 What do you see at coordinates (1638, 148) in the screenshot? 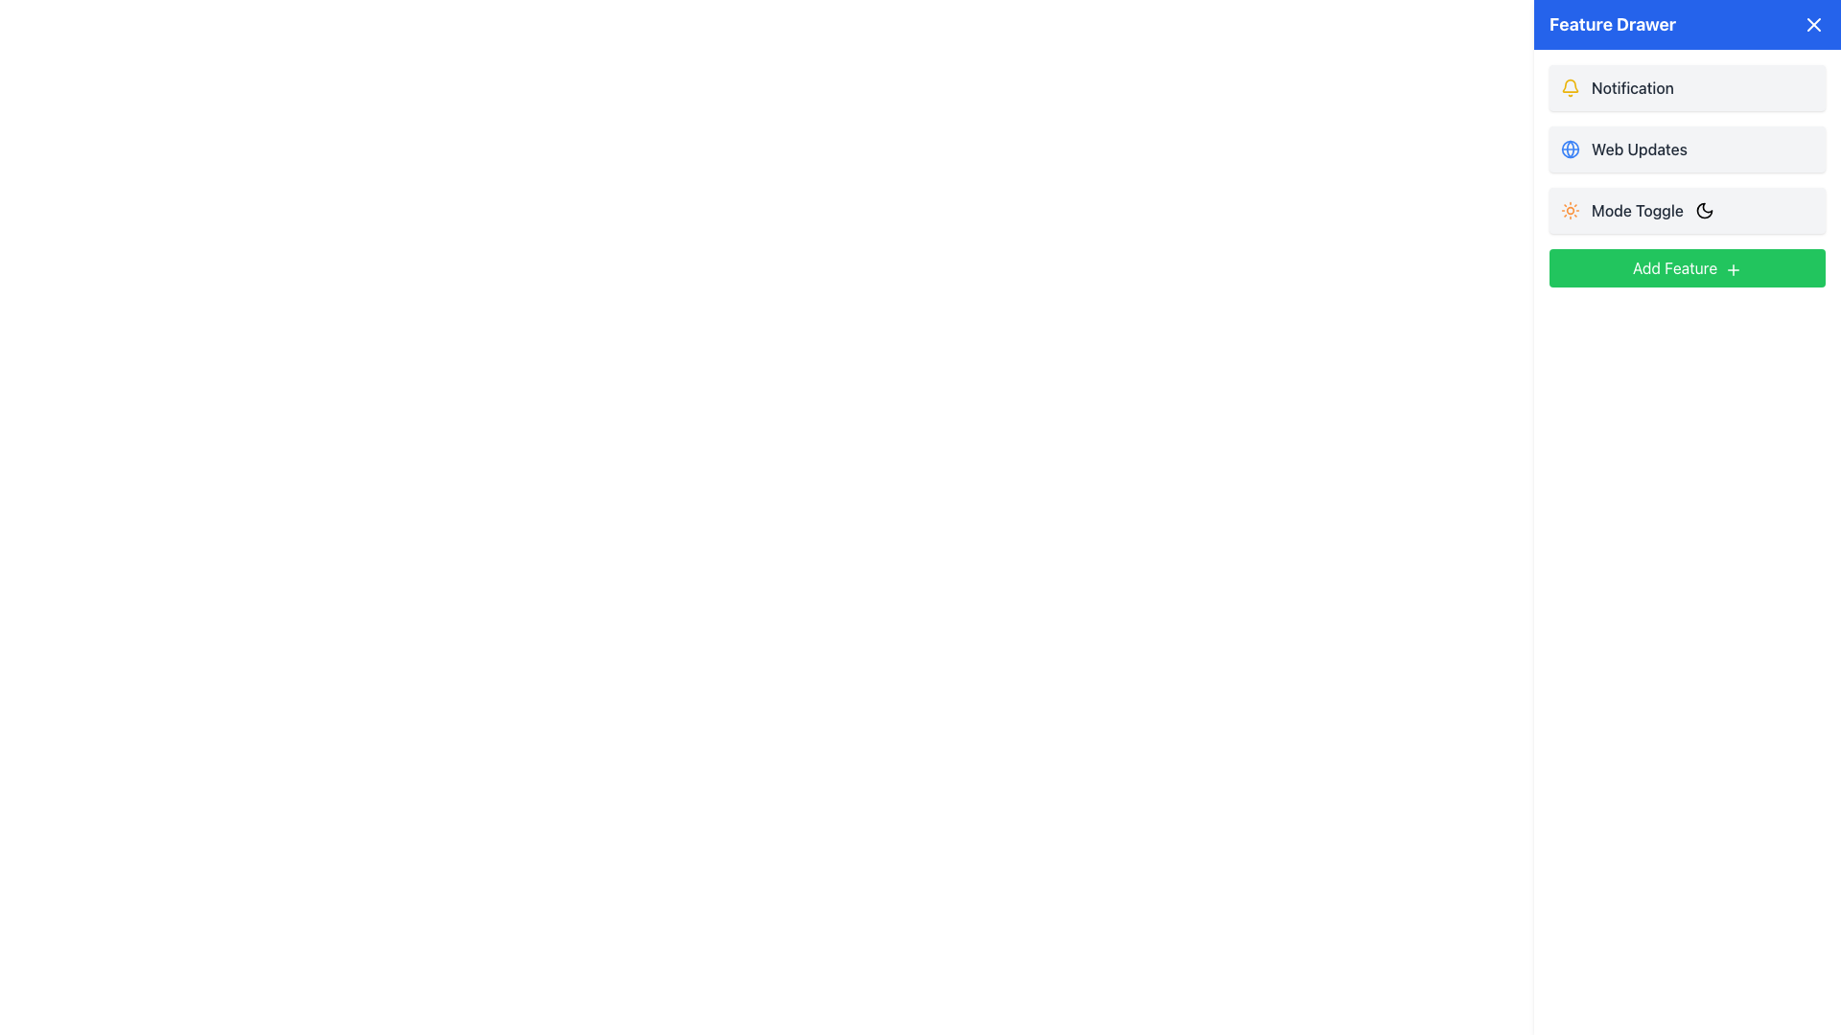
I see `the 'Web Updates' text label located within the vertical menu list of the feature drawer, which is styled as a button and includes a globe icon on the left side` at bounding box center [1638, 148].